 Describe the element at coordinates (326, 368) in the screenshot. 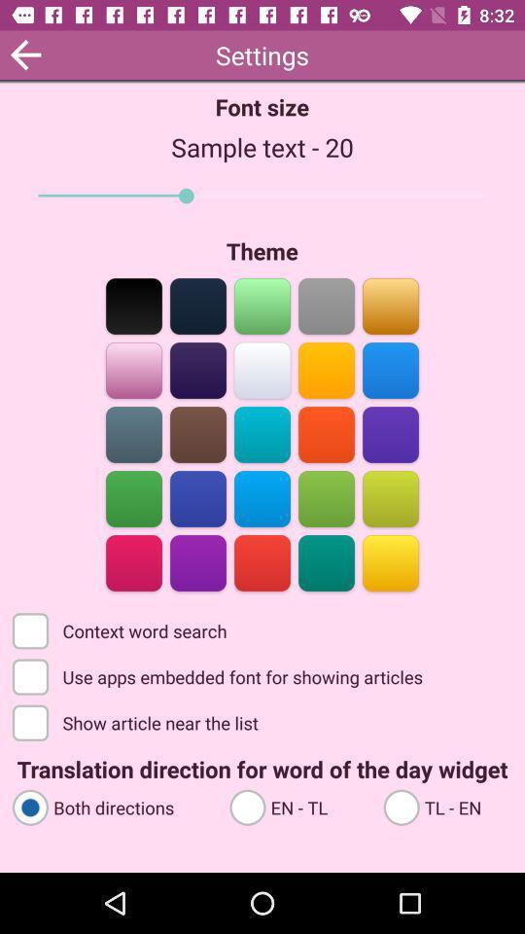

I see `choose this color` at that location.